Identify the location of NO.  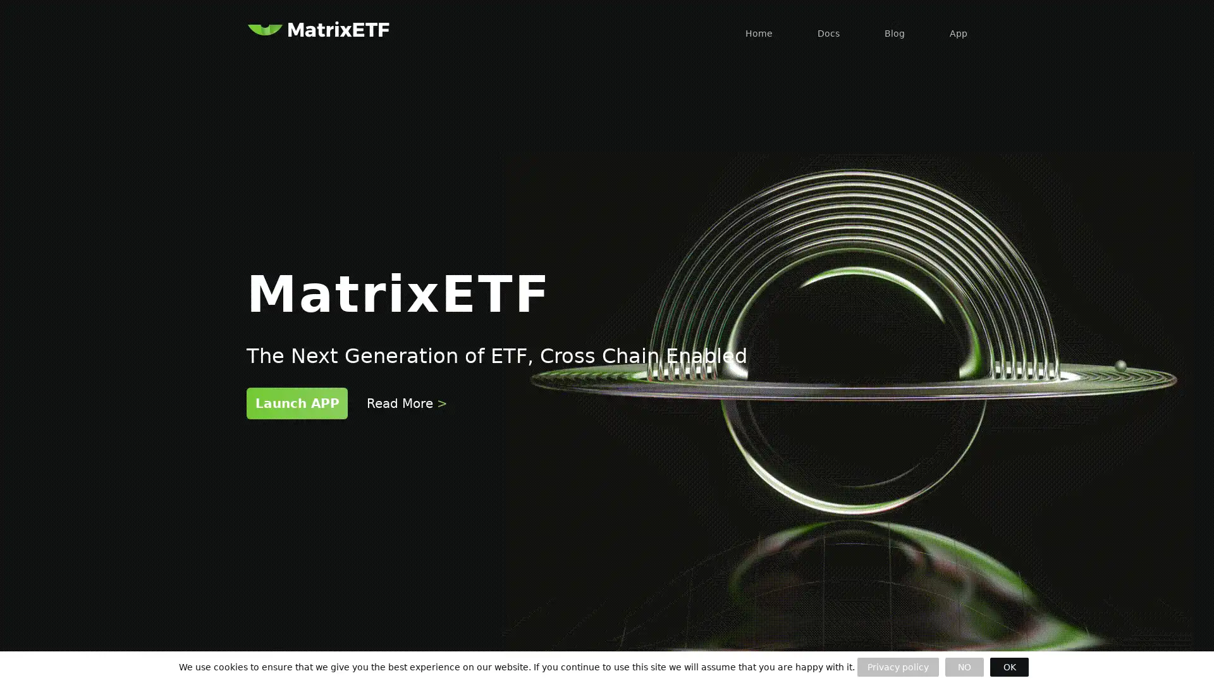
(964, 667).